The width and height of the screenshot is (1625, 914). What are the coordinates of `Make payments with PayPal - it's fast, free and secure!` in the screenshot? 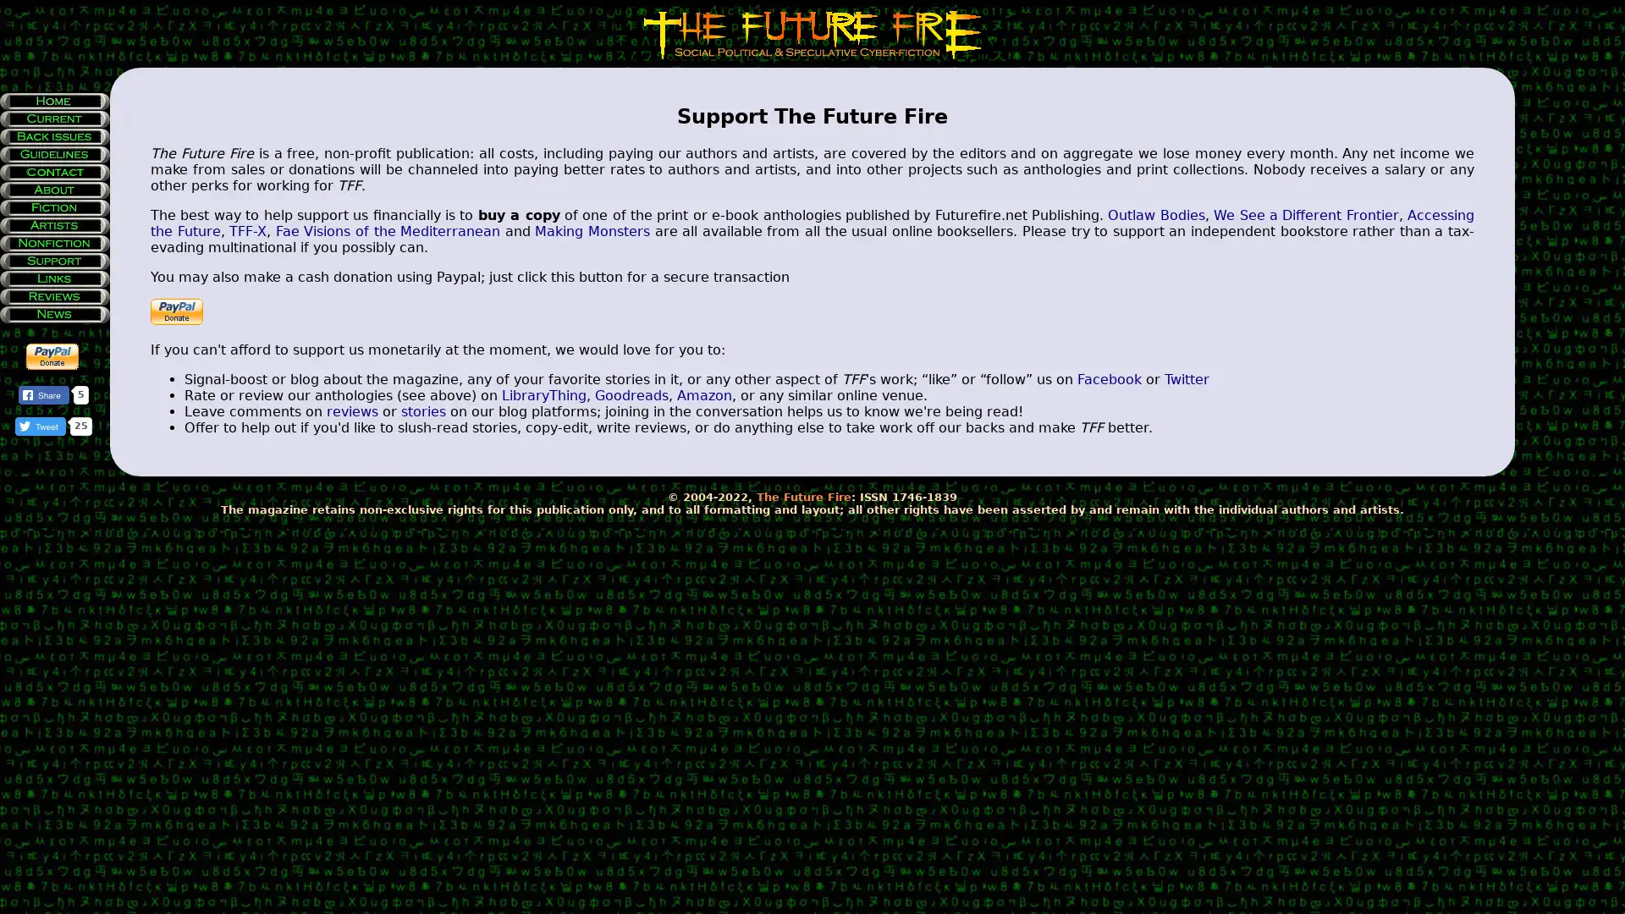 It's located at (52, 355).